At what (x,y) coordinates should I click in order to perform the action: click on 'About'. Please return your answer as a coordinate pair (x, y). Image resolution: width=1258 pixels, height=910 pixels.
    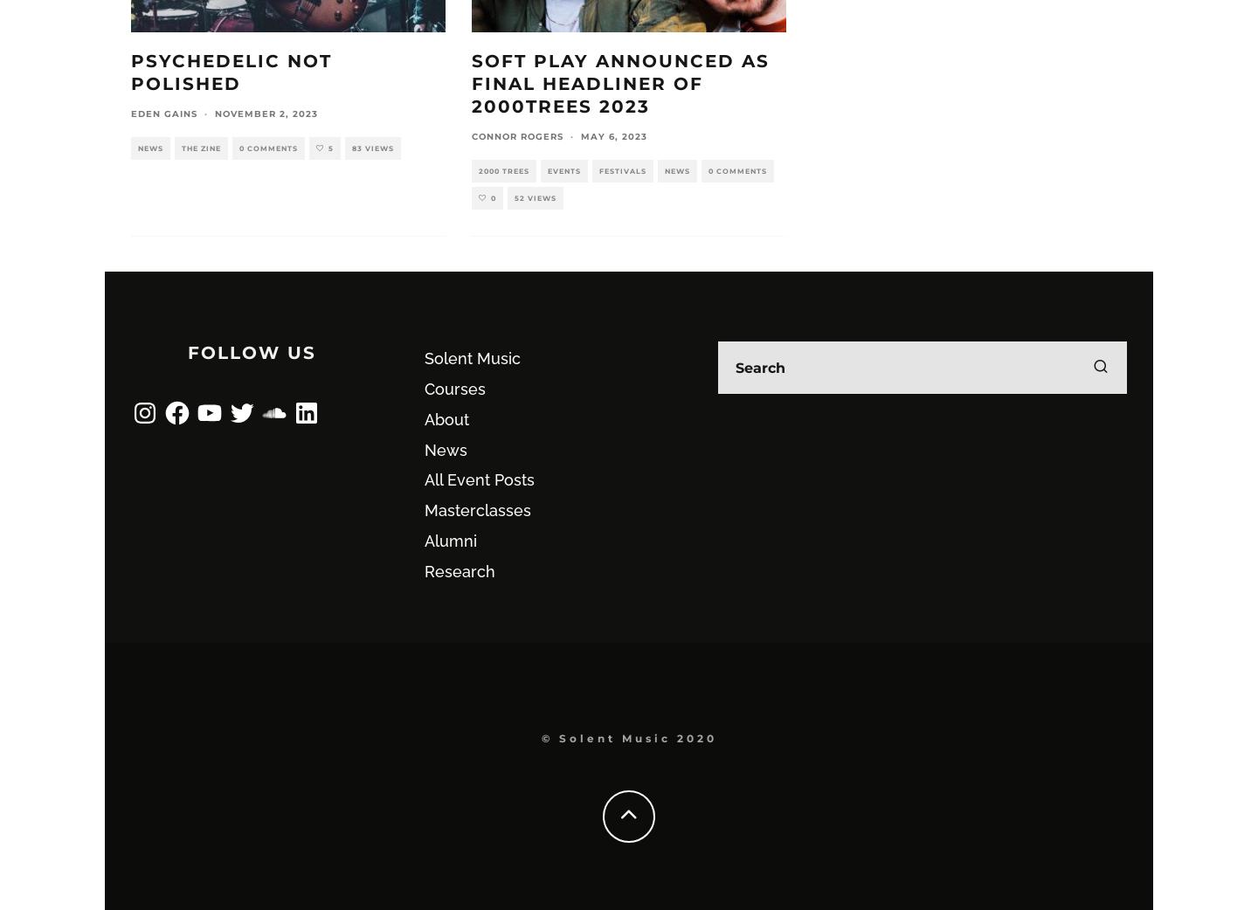
    Looking at the image, I should click on (424, 418).